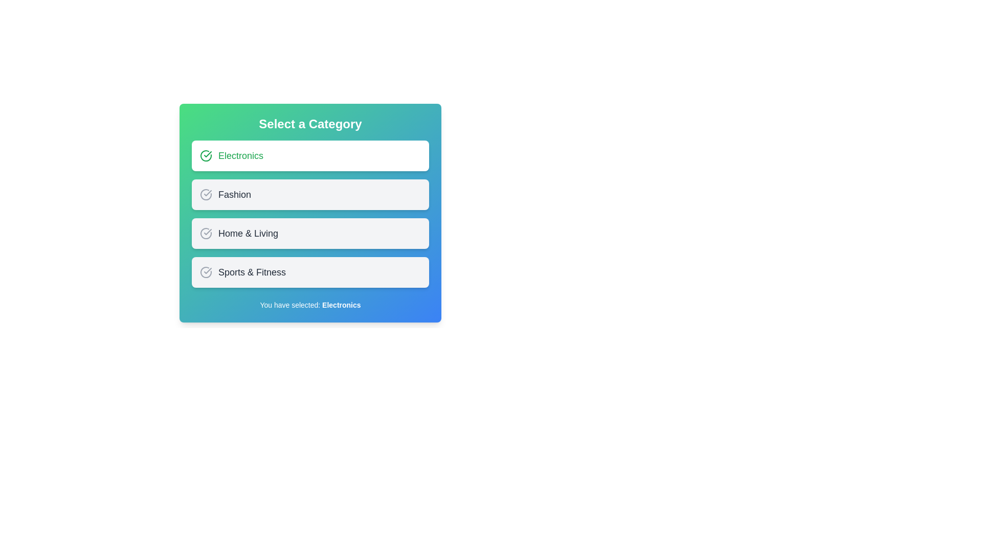 The width and height of the screenshot is (982, 552). Describe the element at coordinates (248, 233) in the screenshot. I see `the 'Home & Living' text label, which is part of the third clickable option in the 'Select a Category' section, located between 'Fashion' and 'Sports & Fitness'` at that location.